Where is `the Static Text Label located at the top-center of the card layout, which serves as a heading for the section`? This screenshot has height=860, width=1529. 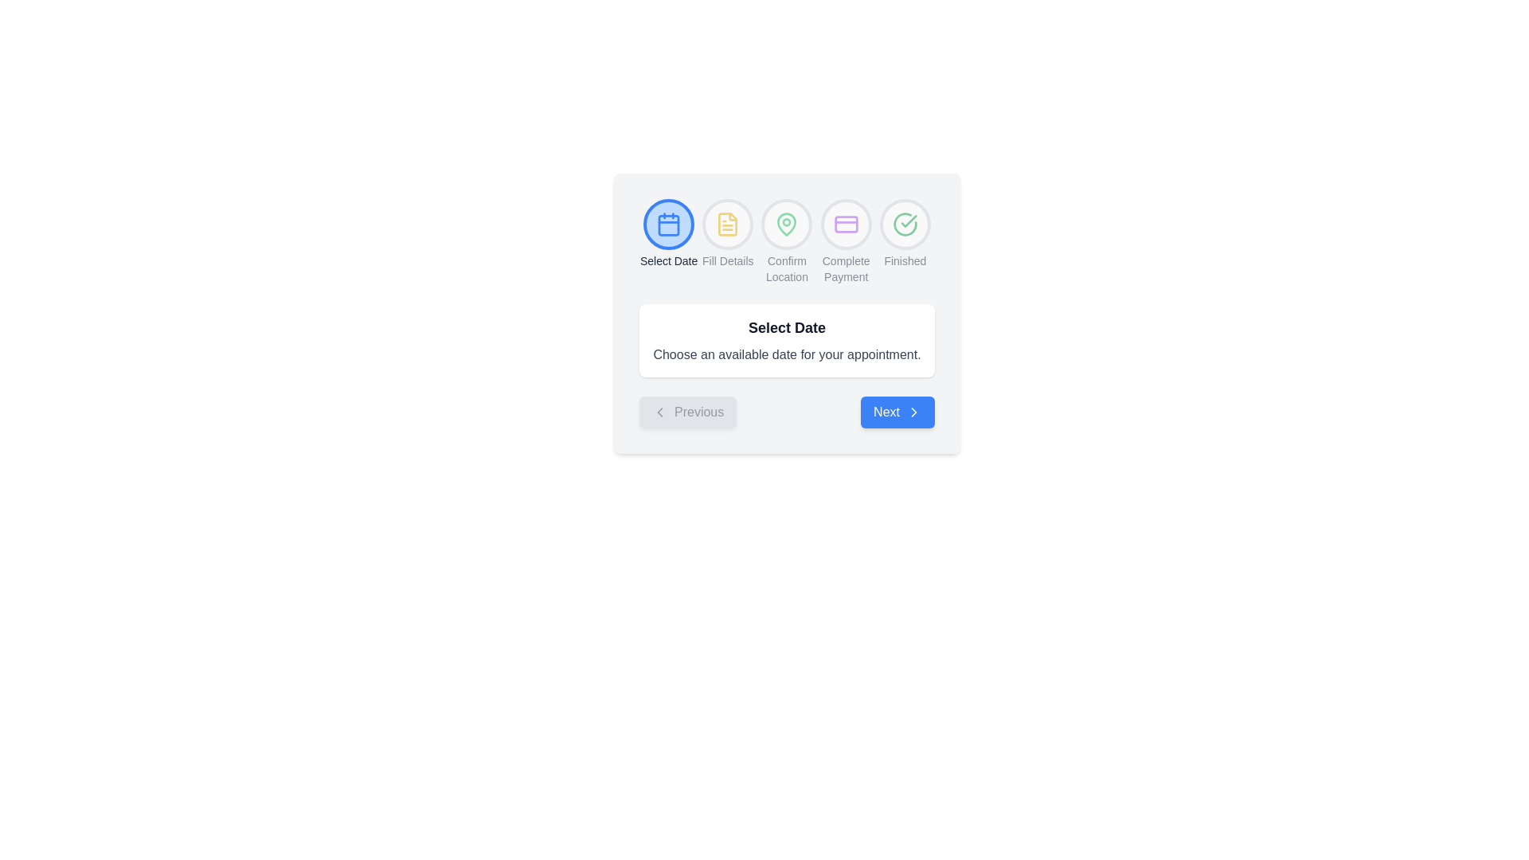 the Static Text Label located at the top-center of the card layout, which serves as a heading for the section is located at coordinates (787, 327).